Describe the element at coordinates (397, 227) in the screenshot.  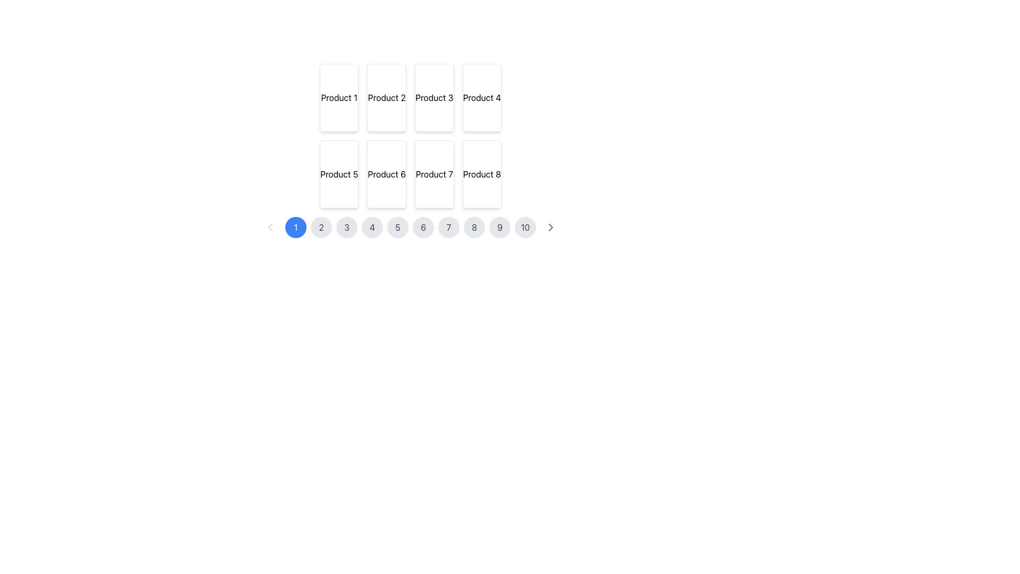
I see `the fifth circular pagination button, which has a light gray background and the number '5' in darker gray` at that location.